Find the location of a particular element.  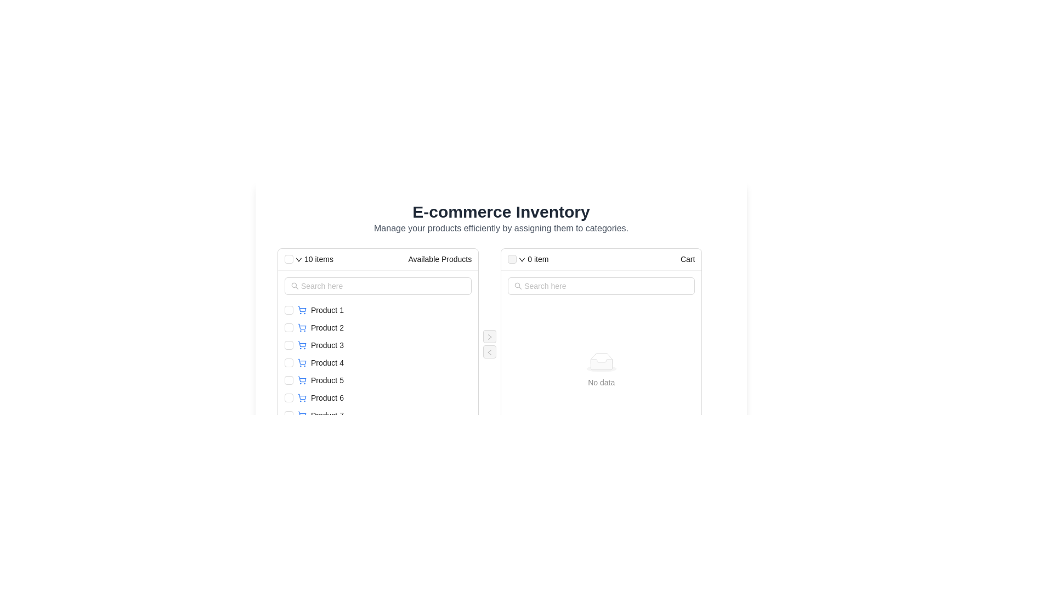

the rightwards arrow icon to move a selected item from the 'Available Products' section to the 'Cart' section is located at coordinates (489, 336).